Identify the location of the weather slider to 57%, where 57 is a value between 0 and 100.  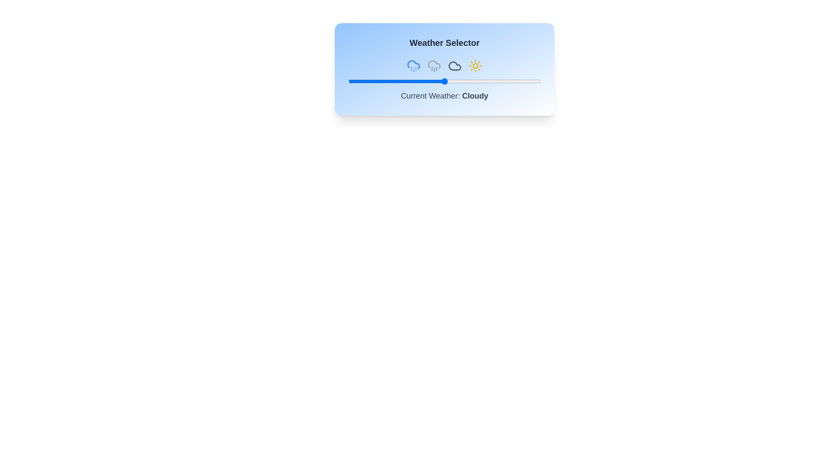
(457, 81).